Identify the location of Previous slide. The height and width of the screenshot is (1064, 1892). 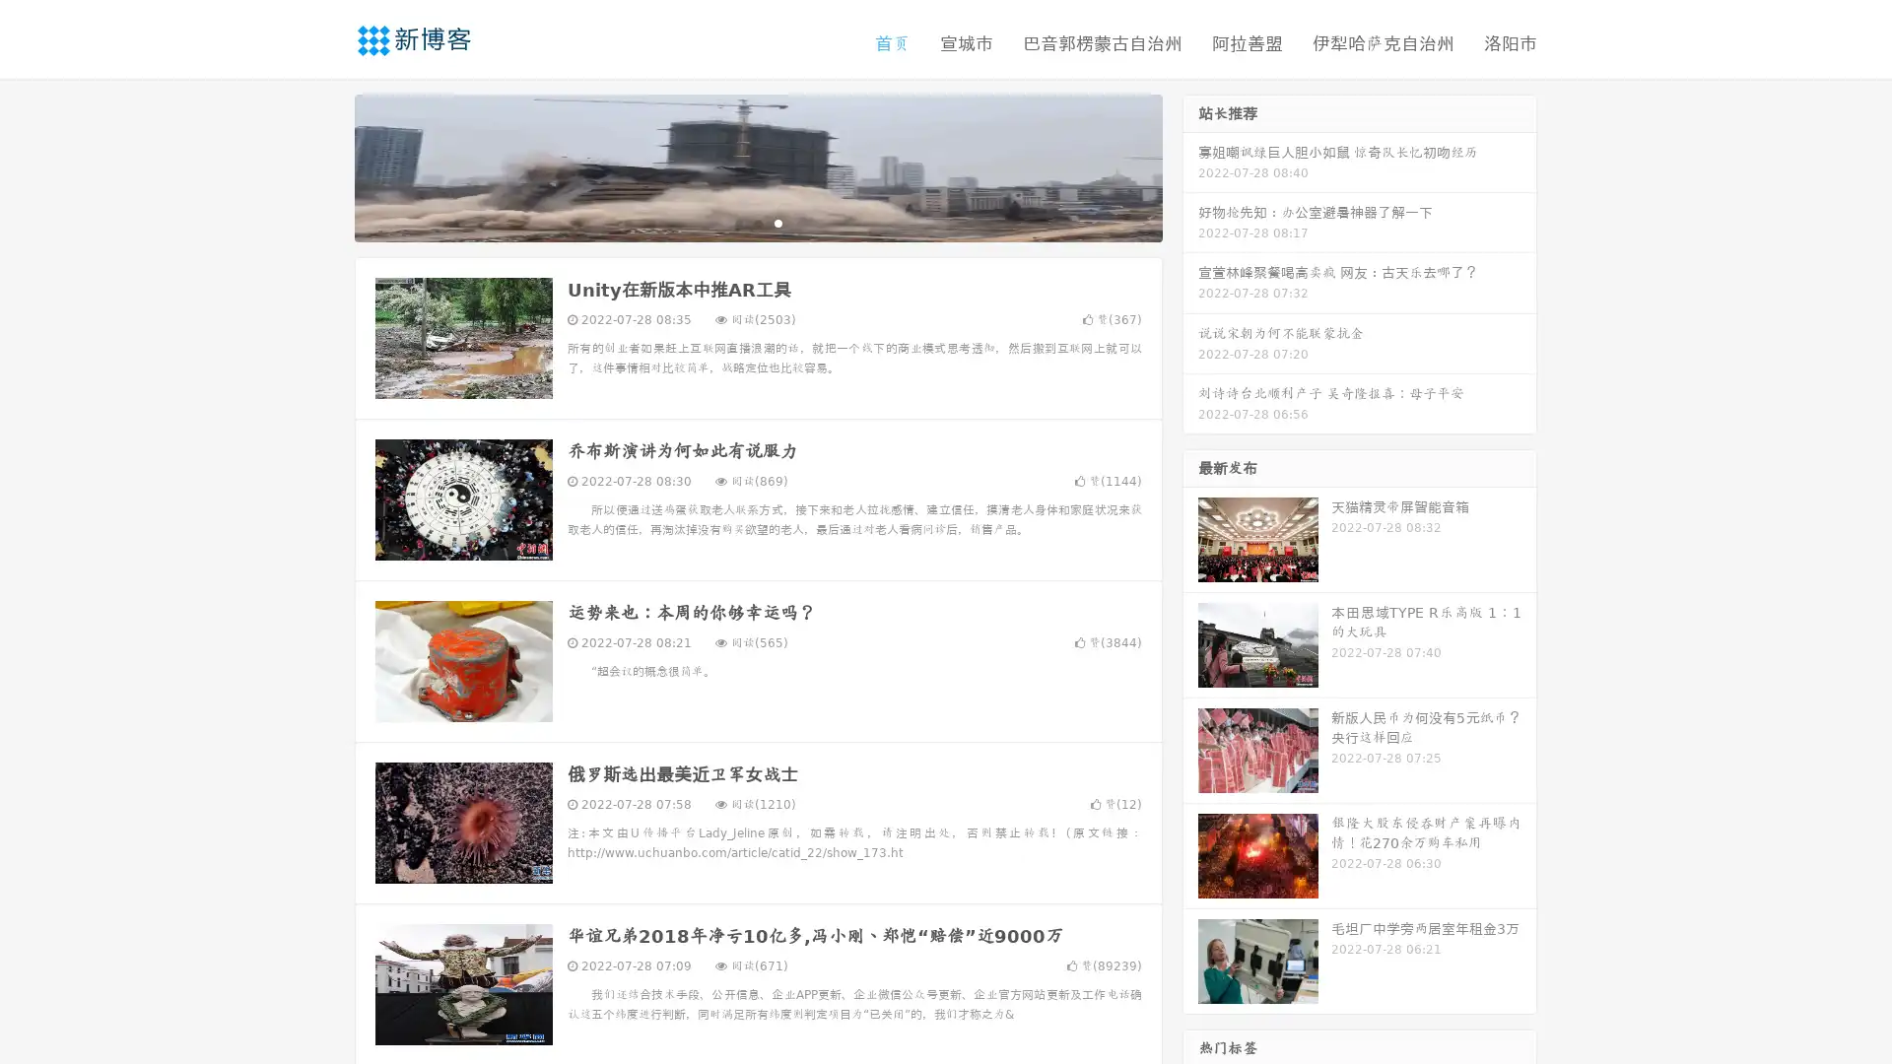
(325, 166).